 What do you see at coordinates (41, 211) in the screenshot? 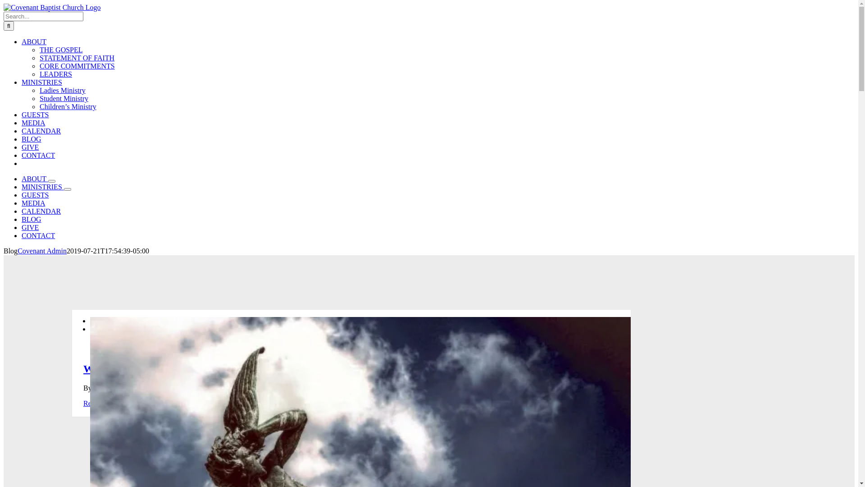
I see `'CALENDAR'` at bounding box center [41, 211].